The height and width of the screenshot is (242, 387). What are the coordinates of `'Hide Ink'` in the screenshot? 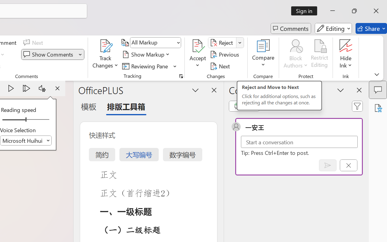 It's located at (346, 46).